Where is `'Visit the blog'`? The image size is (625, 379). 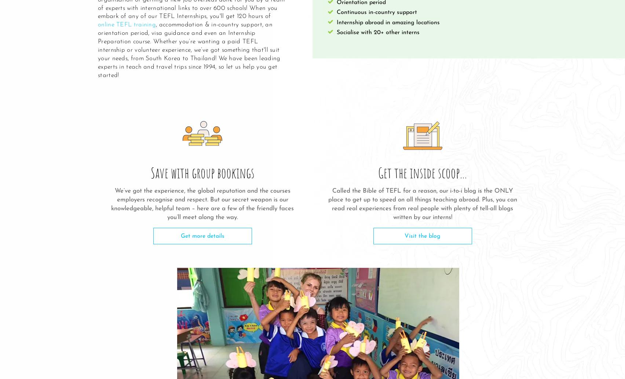 'Visit the blog' is located at coordinates (404, 236).